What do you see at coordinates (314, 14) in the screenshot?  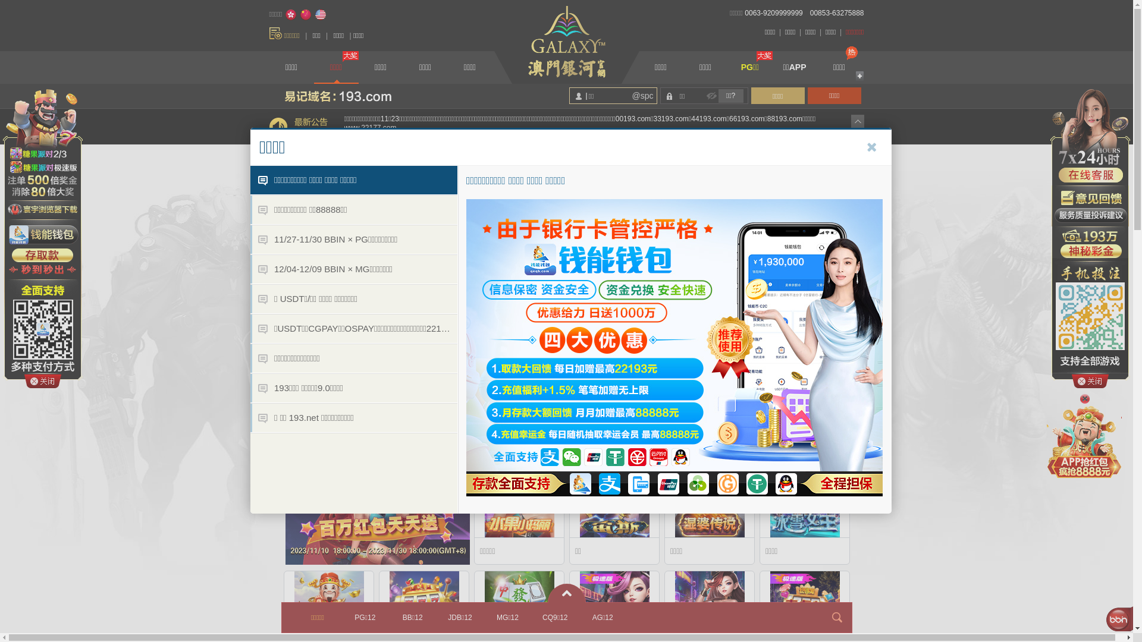 I see `'English'` at bounding box center [314, 14].